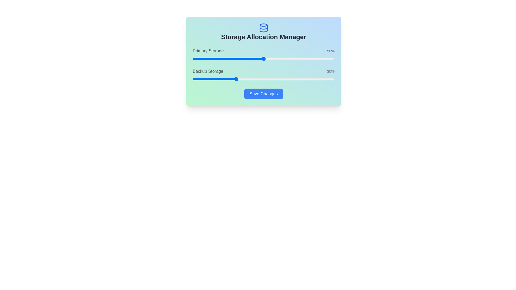  I want to click on the Primary Storage slider to set its value to 39, so click(248, 59).